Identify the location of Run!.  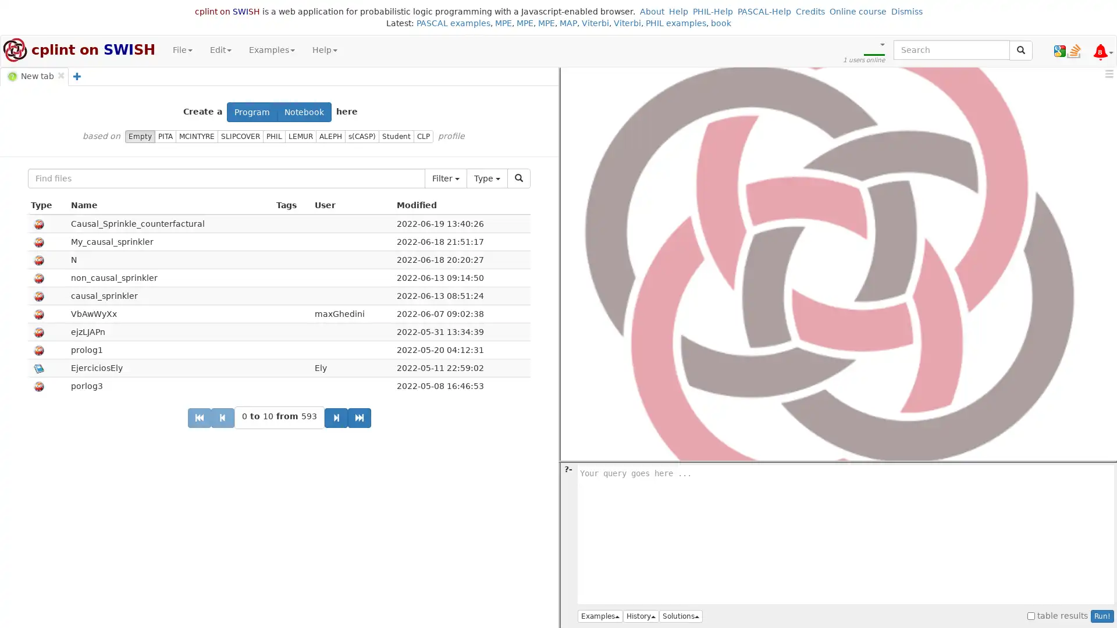
(1102, 616).